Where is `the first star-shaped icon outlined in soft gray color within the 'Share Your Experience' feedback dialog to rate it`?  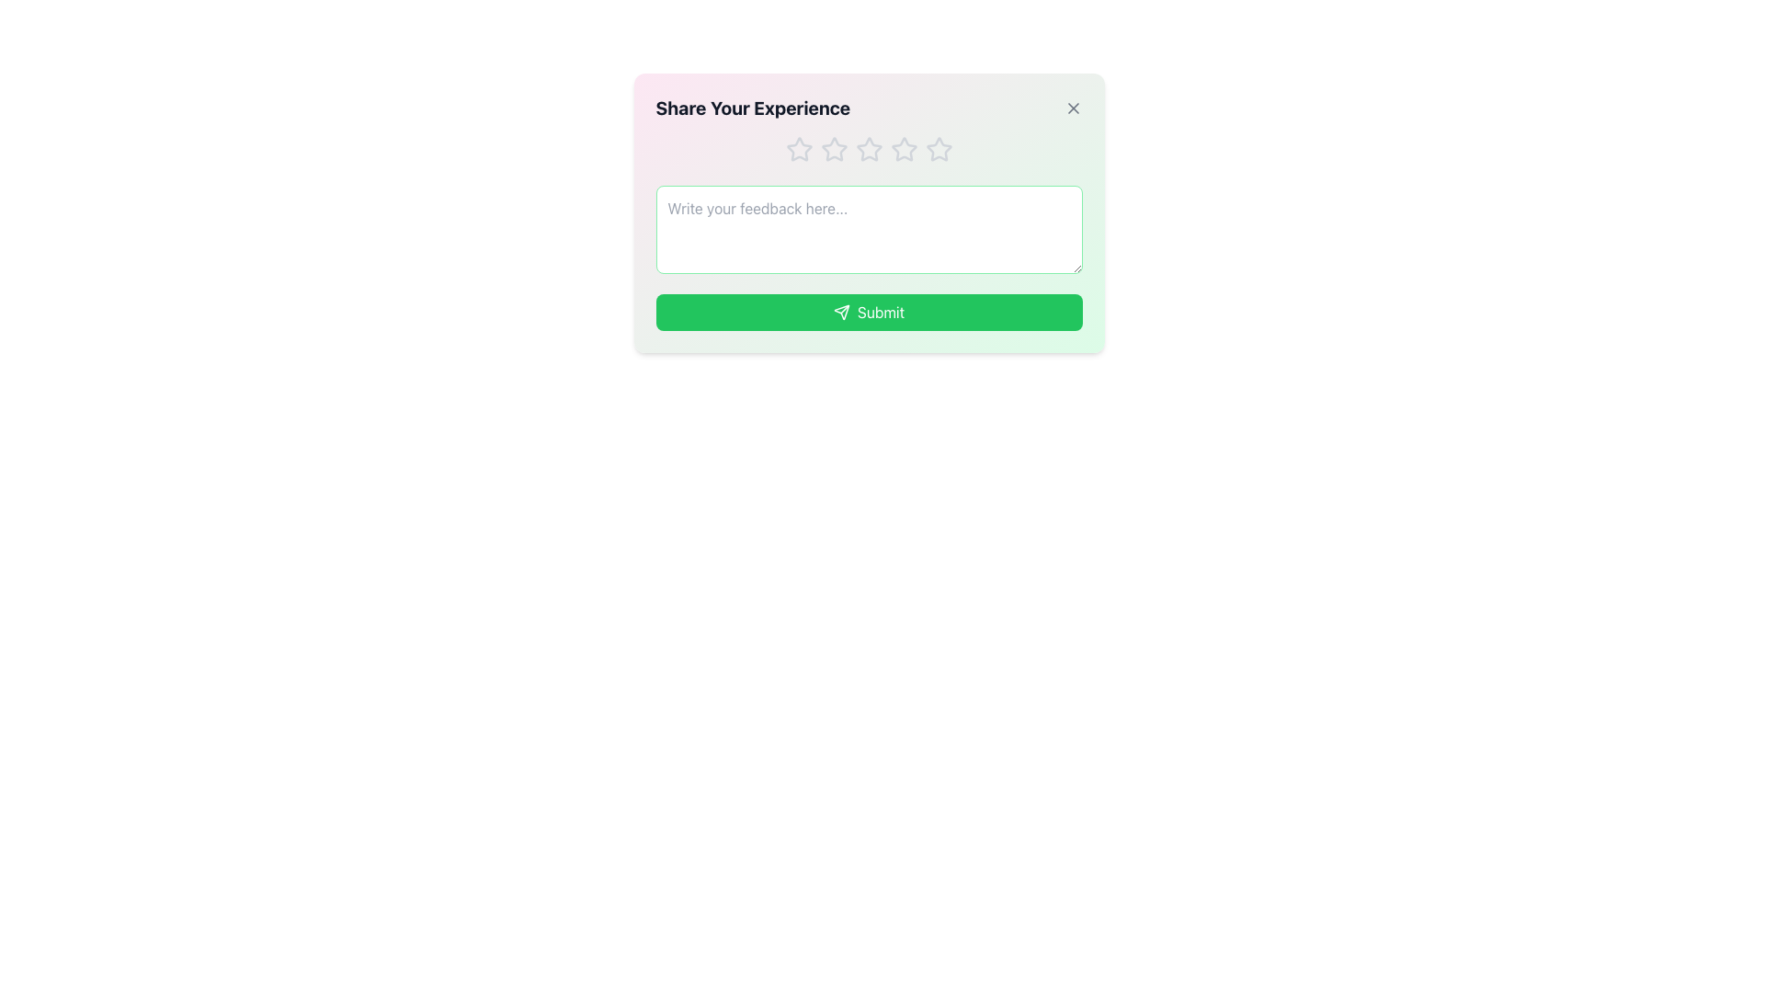
the first star-shaped icon outlined in soft gray color within the 'Share Your Experience' feedback dialog to rate it is located at coordinates (798, 148).